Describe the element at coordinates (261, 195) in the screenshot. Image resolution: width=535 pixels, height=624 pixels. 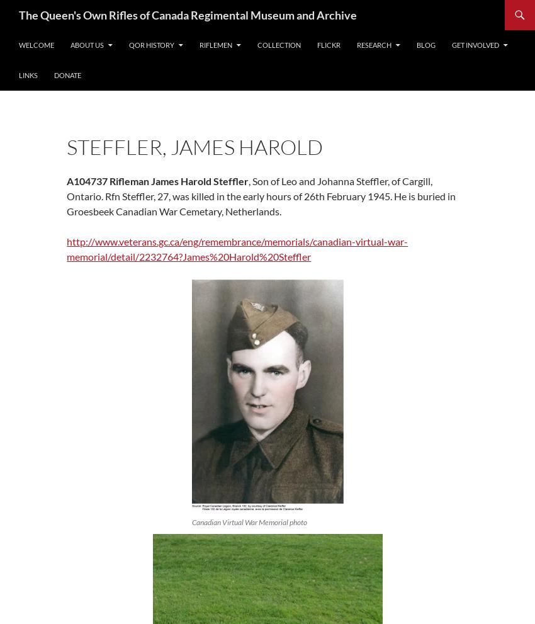
I see `', Son of Leo and Johanna Steffler, of Cargill, Ontario. Rfn Steffler, 27, was killed in the early hours of 26th February 1945. He is buried in Groesbeek Canadian War Cemetary, Netherlands.'` at that location.